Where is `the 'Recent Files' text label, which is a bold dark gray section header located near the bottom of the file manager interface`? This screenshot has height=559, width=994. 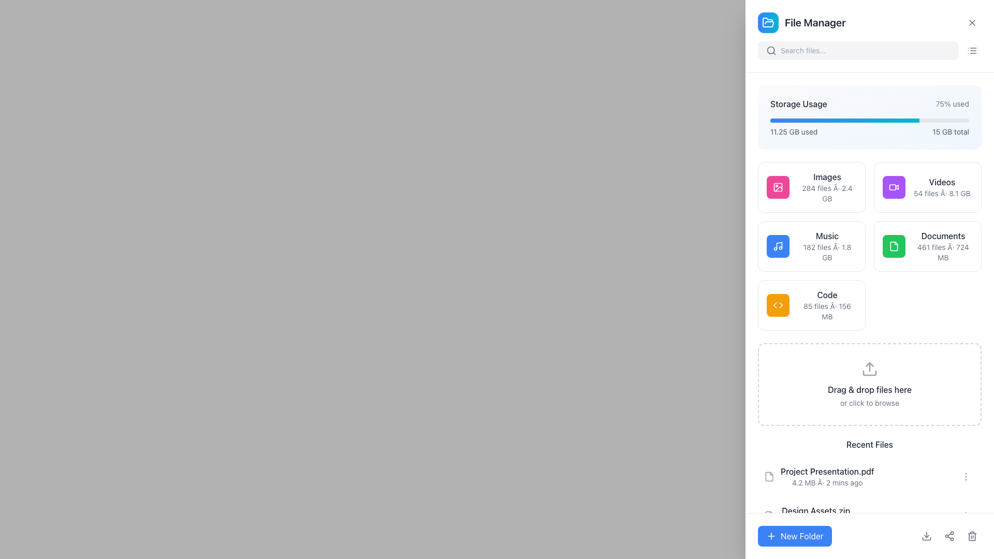
the 'Recent Files' text label, which is a bold dark gray section header located near the bottom of the file manager interface is located at coordinates (870, 444).